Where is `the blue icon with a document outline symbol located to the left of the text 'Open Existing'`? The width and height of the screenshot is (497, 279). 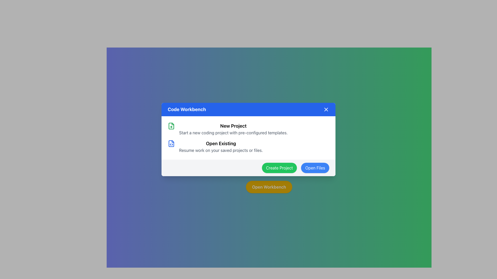 the blue icon with a document outline symbol located to the left of the text 'Open Existing' is located at coordinates (171, 143).